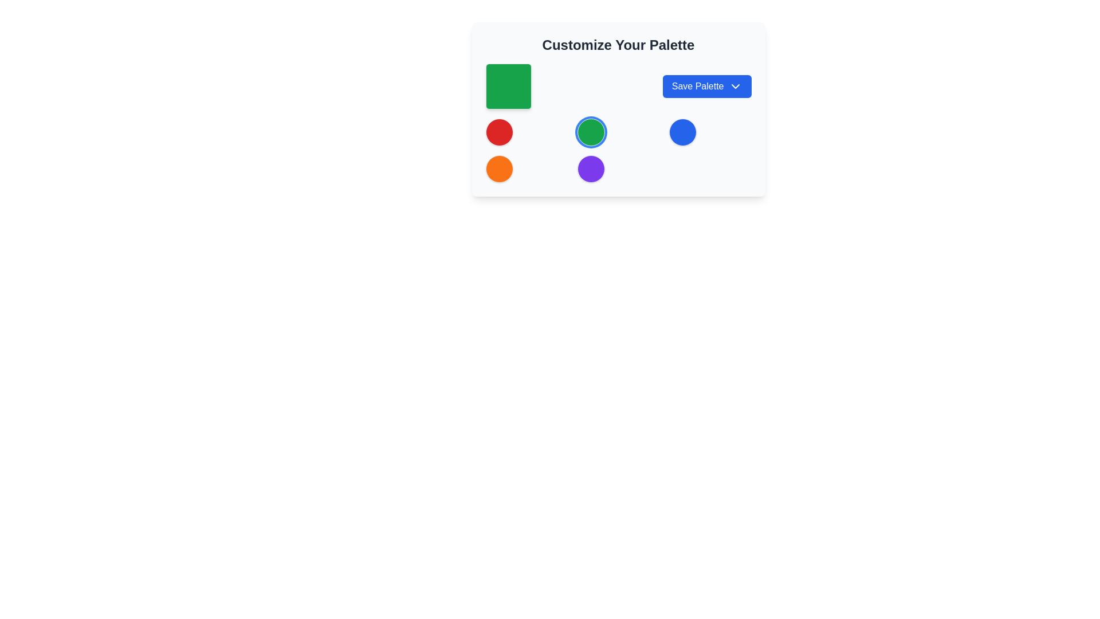  What do you see at coordinates (735, 86) in the screenshot?
I see `the downward-facing chevron icon located at the right end of the 'Save Palette' button` at bounding box center [735, 86].